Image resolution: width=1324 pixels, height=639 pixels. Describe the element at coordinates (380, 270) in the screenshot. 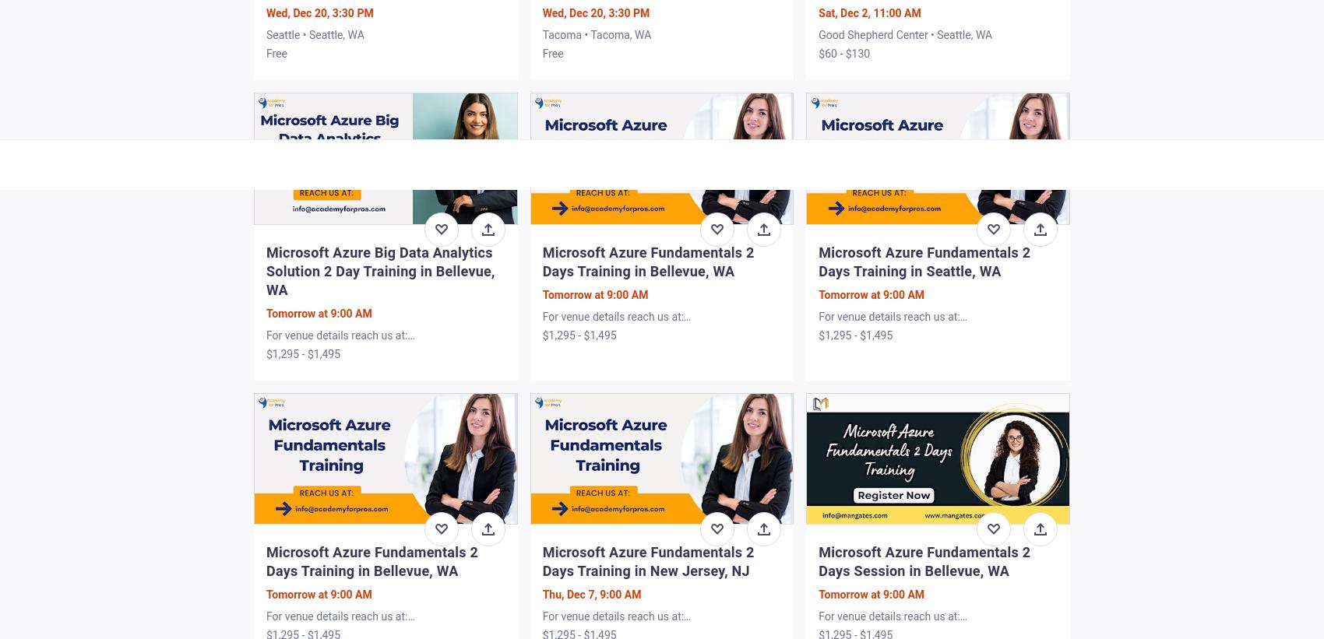

I see `'Microsoft Azure Big Data Analytics Solution  2 Day Training in Bellevue, WA'` at that location.